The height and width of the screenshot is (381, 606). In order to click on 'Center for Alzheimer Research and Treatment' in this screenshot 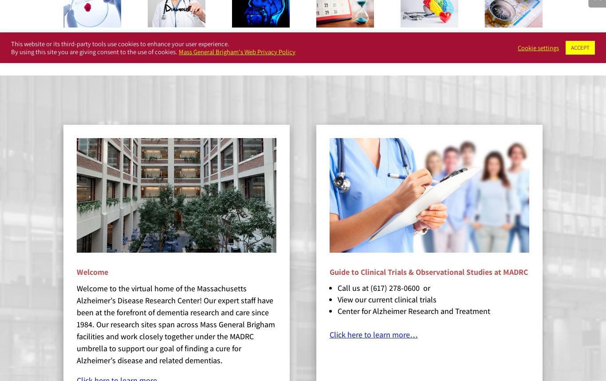, I will do `click(337, 310)`.